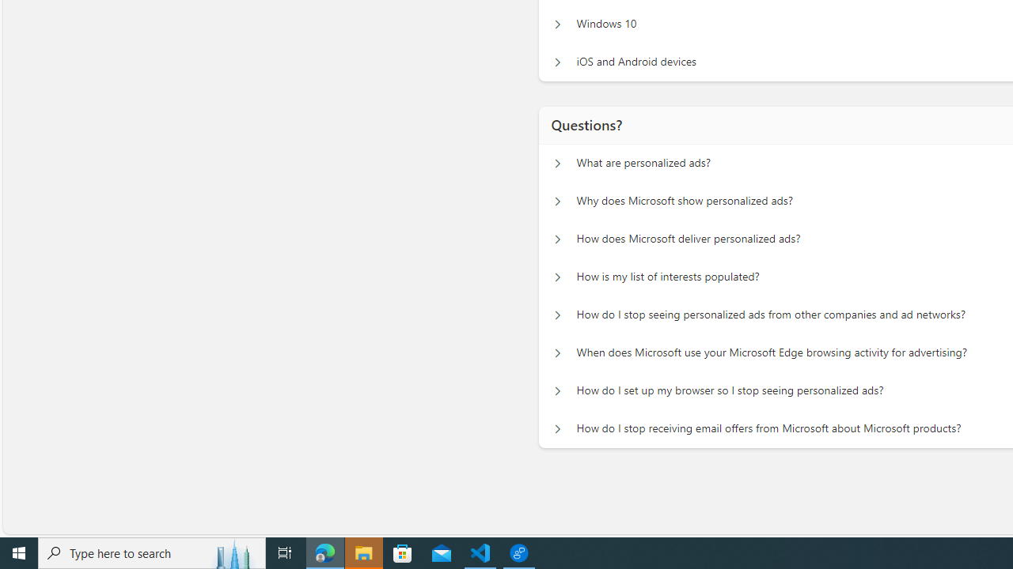  I want to click on 'Questions? How is my list of interests populated?', so click(557, 277).